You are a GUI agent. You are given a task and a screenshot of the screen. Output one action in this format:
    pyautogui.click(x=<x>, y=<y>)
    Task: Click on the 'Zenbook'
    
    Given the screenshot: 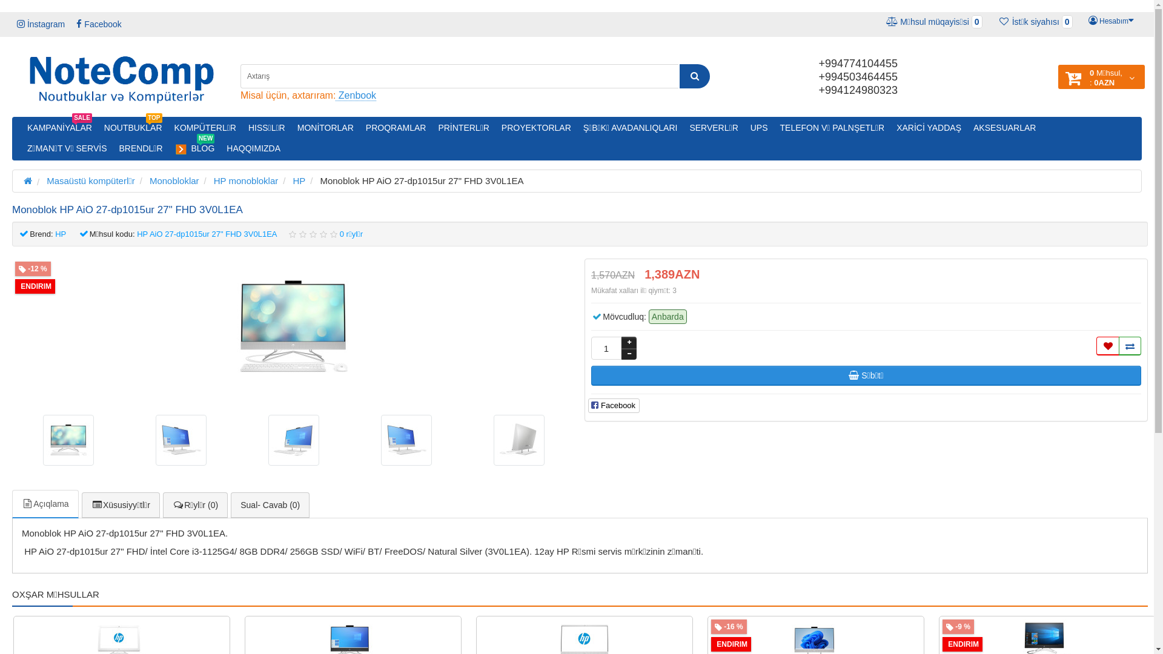 What is the action you would take?
    pyautogui.click(x=355, y=95)
    